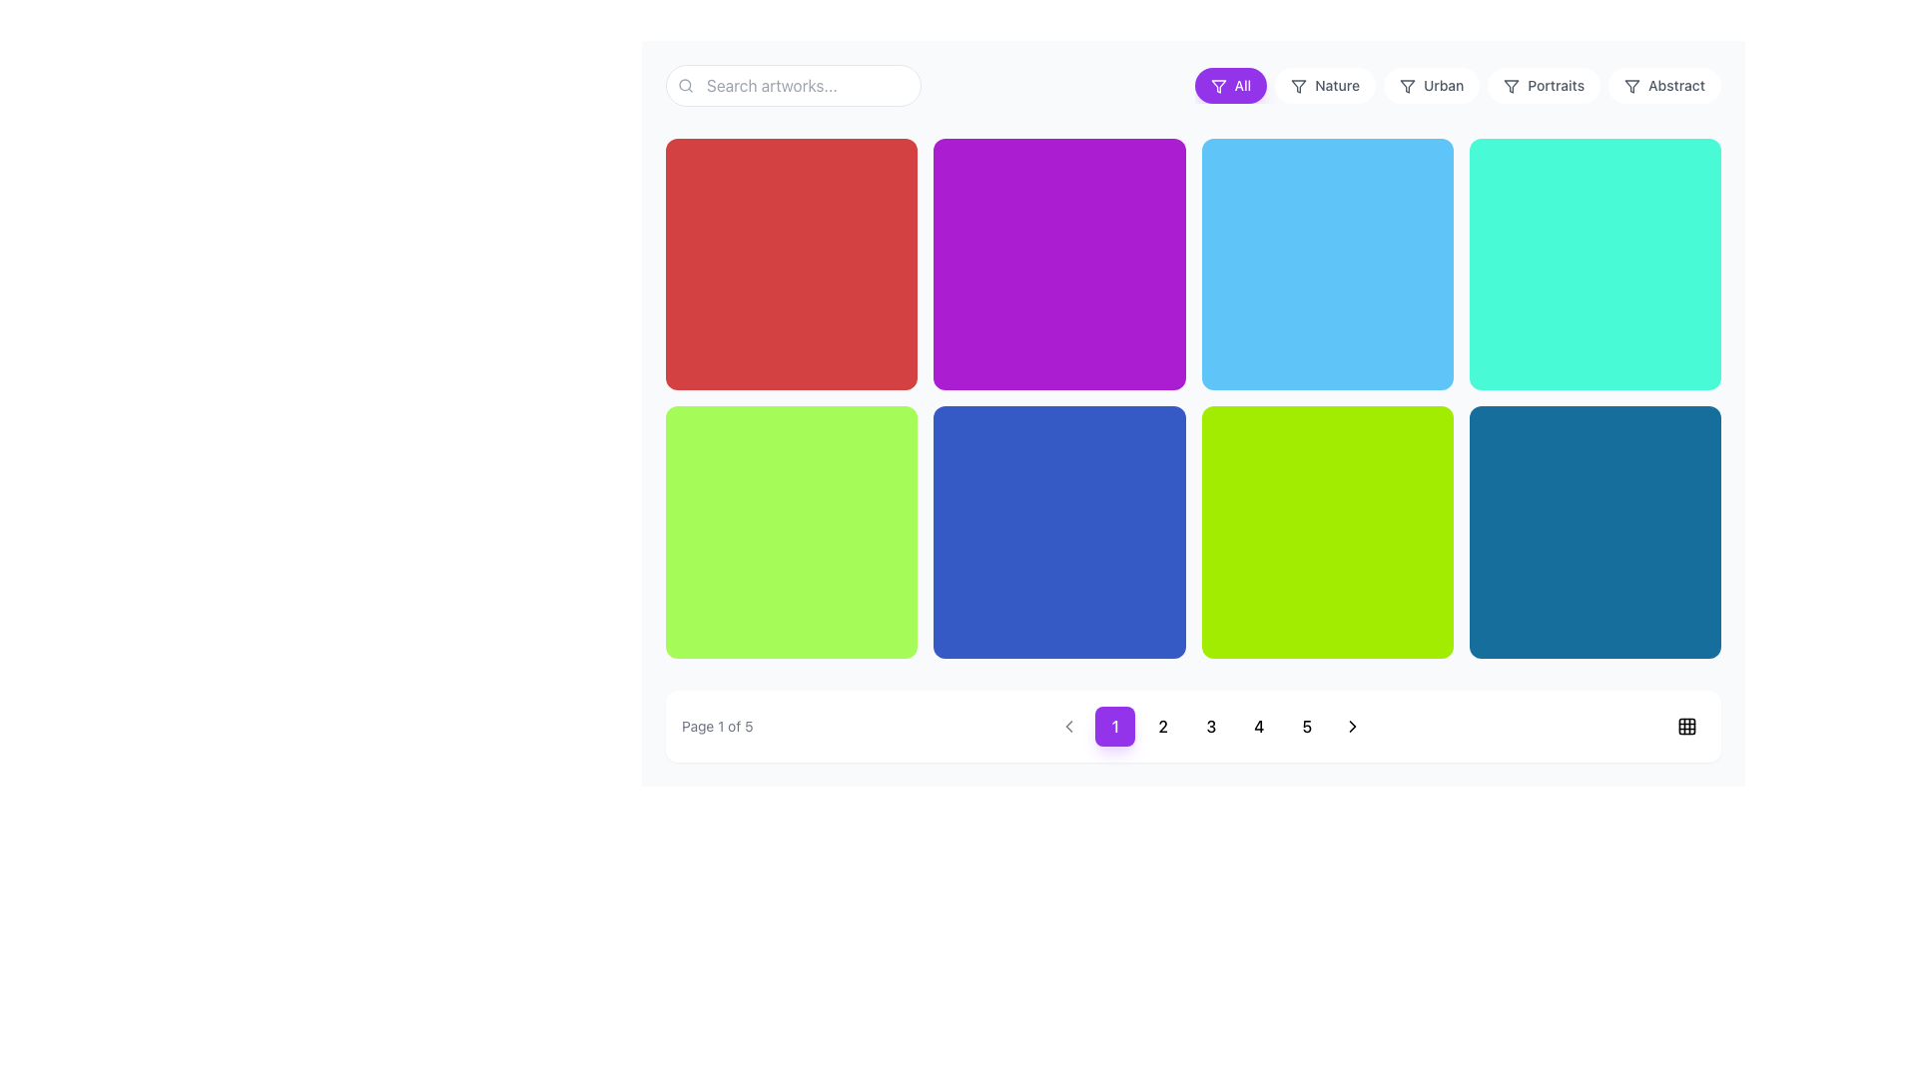 The width and height of the screenshot is (1917, 1078). I want to click on the circular graphic element within the search icon at the top-left corner of the interface, so click(685, 84).